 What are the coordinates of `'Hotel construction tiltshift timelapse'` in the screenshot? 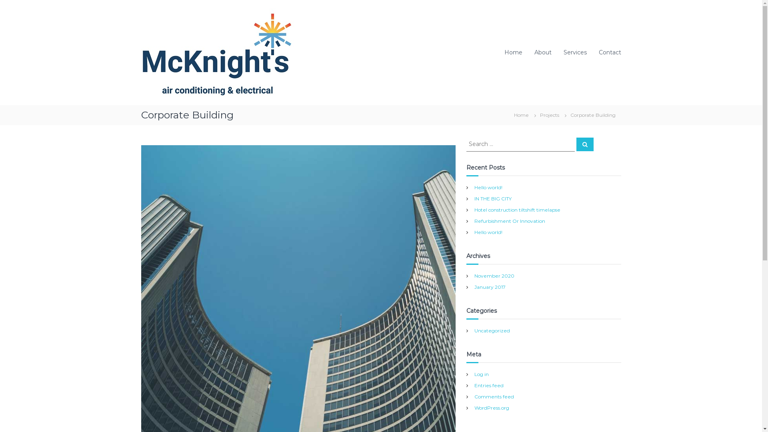 It's located at (474, 209).